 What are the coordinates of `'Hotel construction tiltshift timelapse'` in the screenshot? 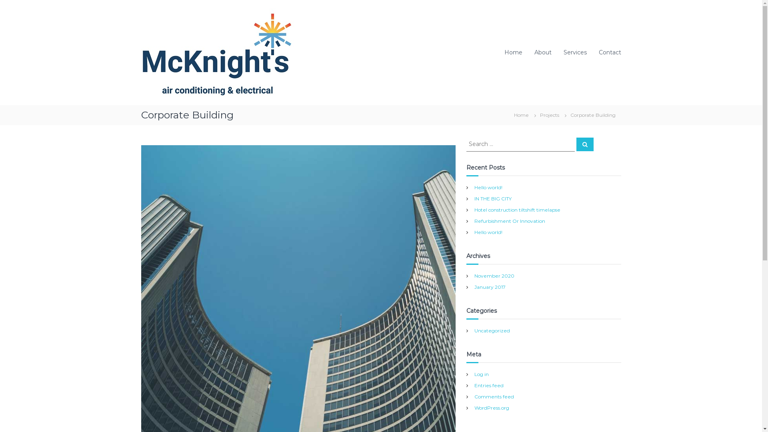 It's located at (474, 209).